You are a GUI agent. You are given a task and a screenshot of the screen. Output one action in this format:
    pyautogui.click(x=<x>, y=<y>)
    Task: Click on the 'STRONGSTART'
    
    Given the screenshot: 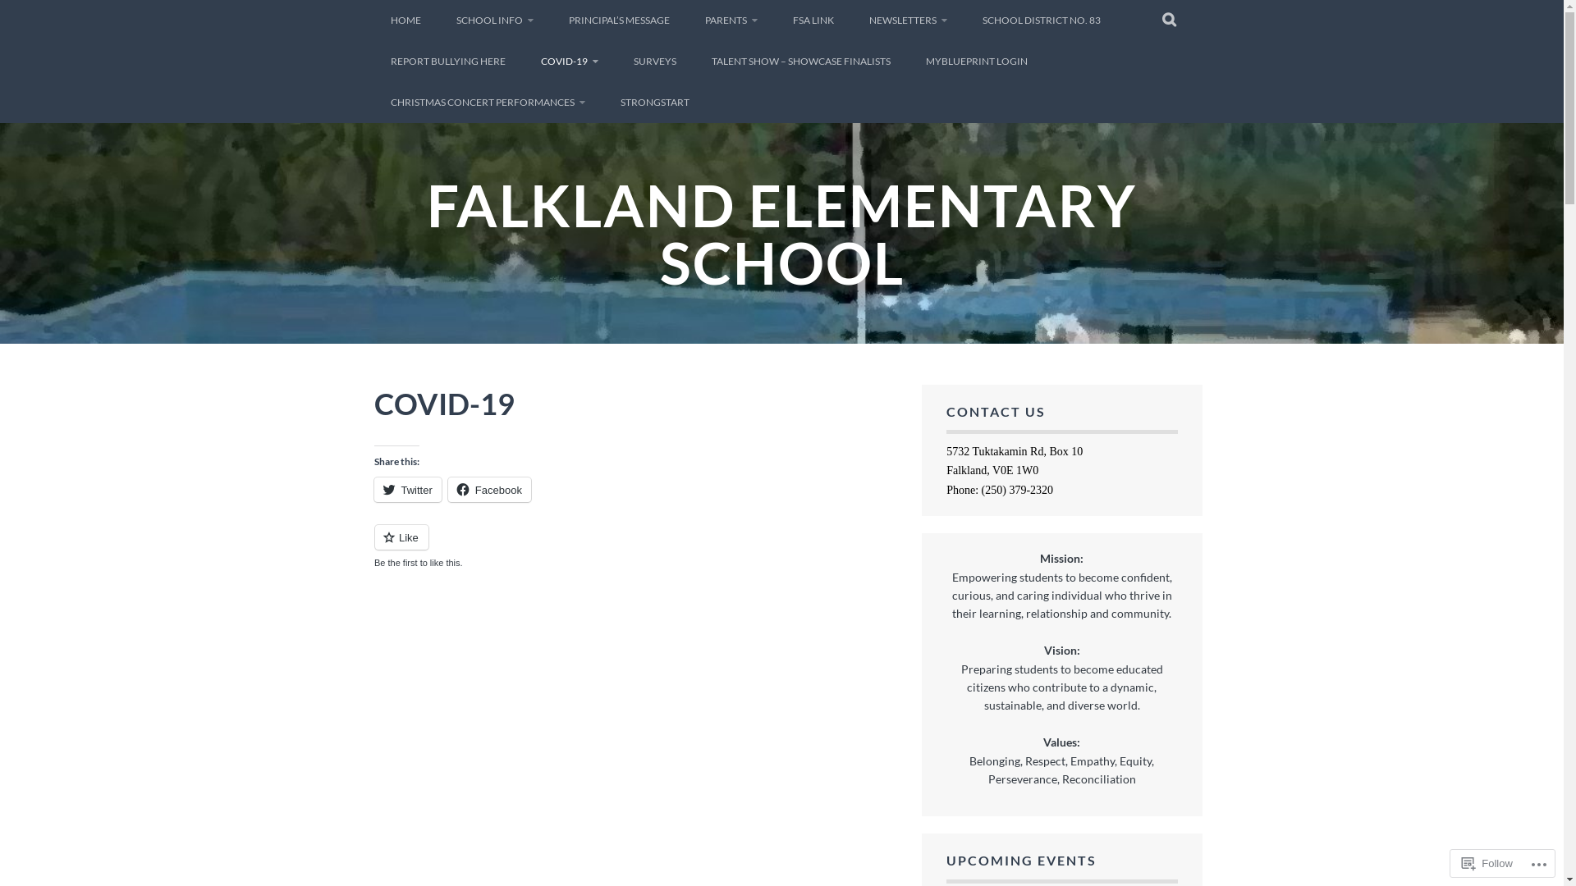 What is the action you would take?
    pyautogui.click(x=602, y=102)
    